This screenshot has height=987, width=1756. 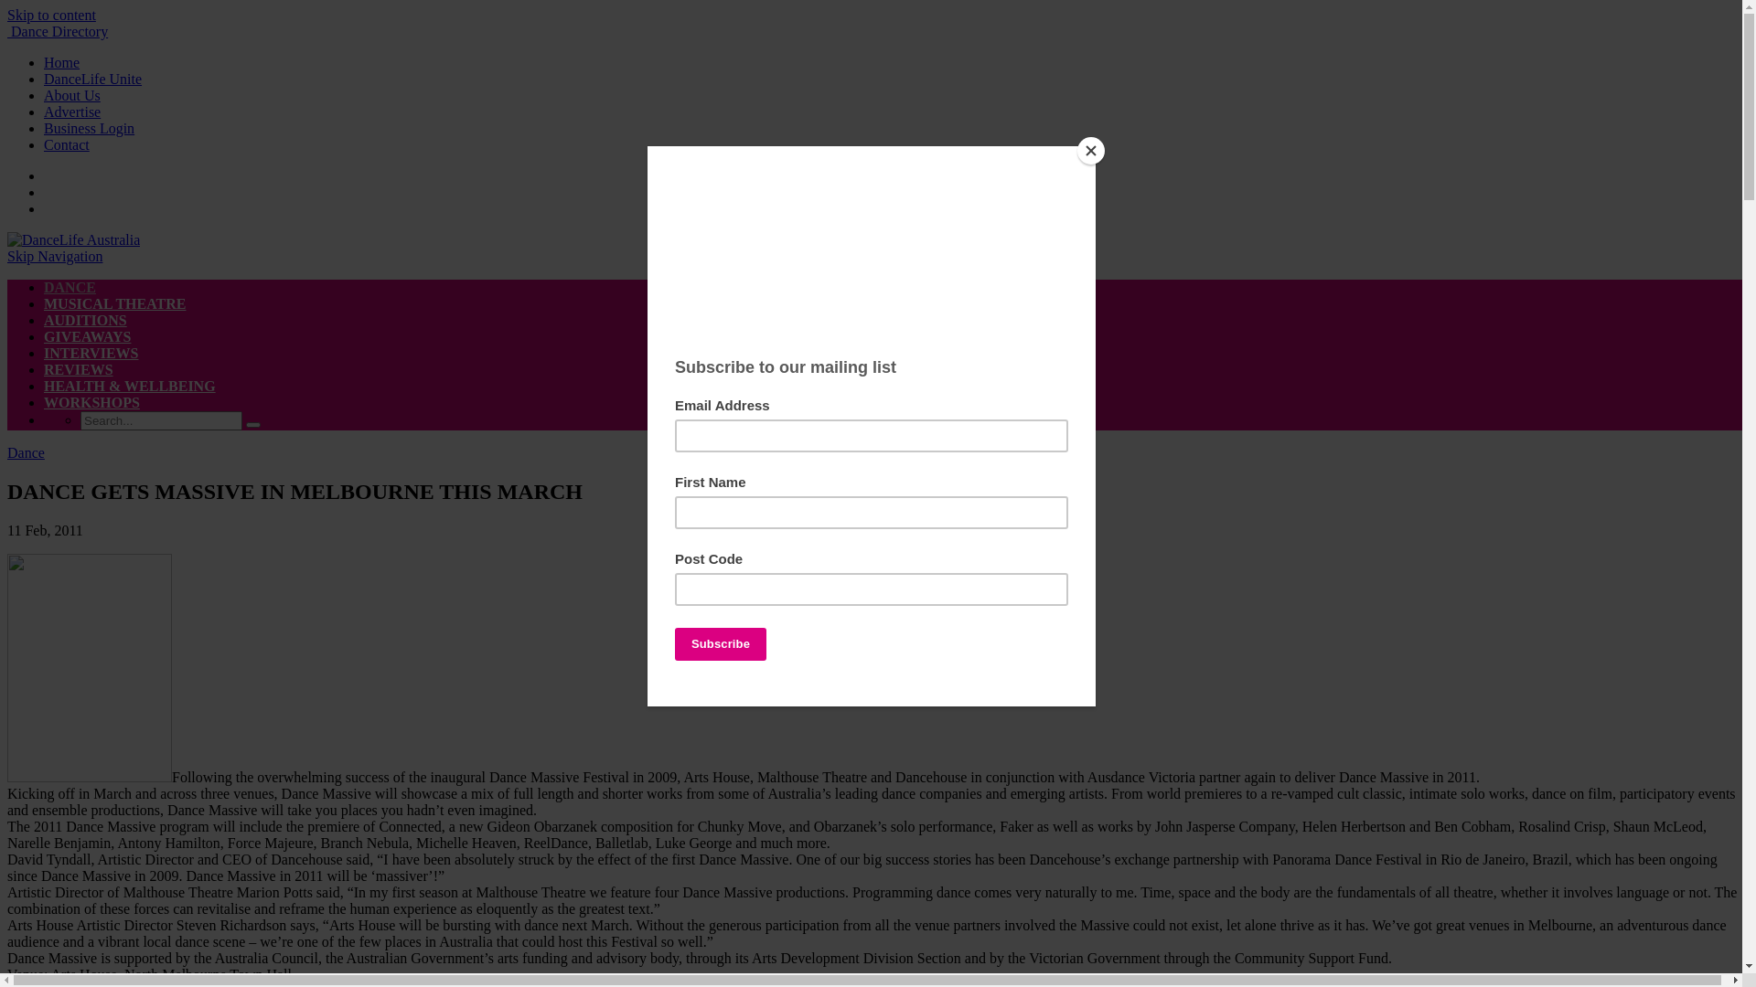 I want to click on 'DanceLife Unite', so click(x=91, y=78).